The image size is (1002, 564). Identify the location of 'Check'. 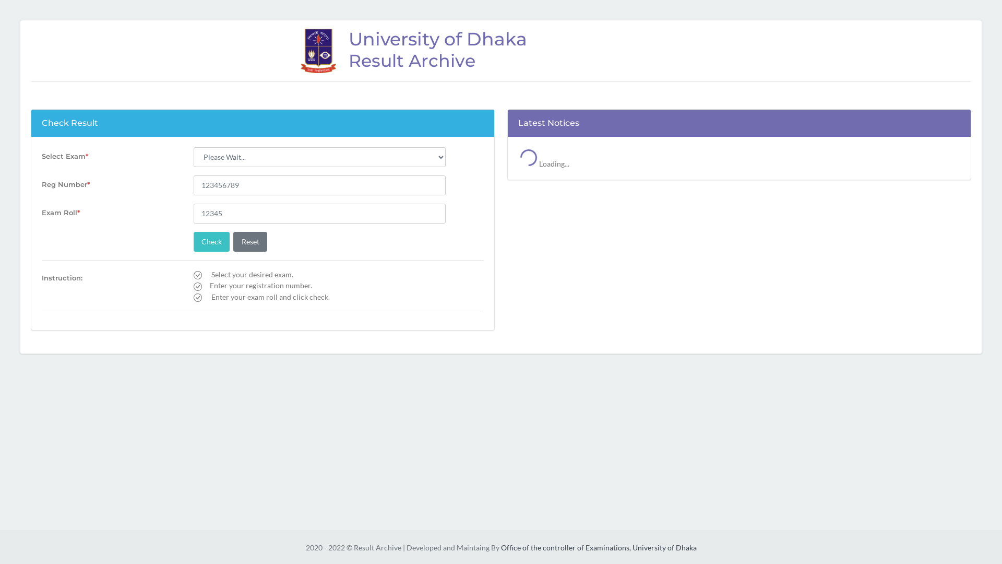
(211, 241).